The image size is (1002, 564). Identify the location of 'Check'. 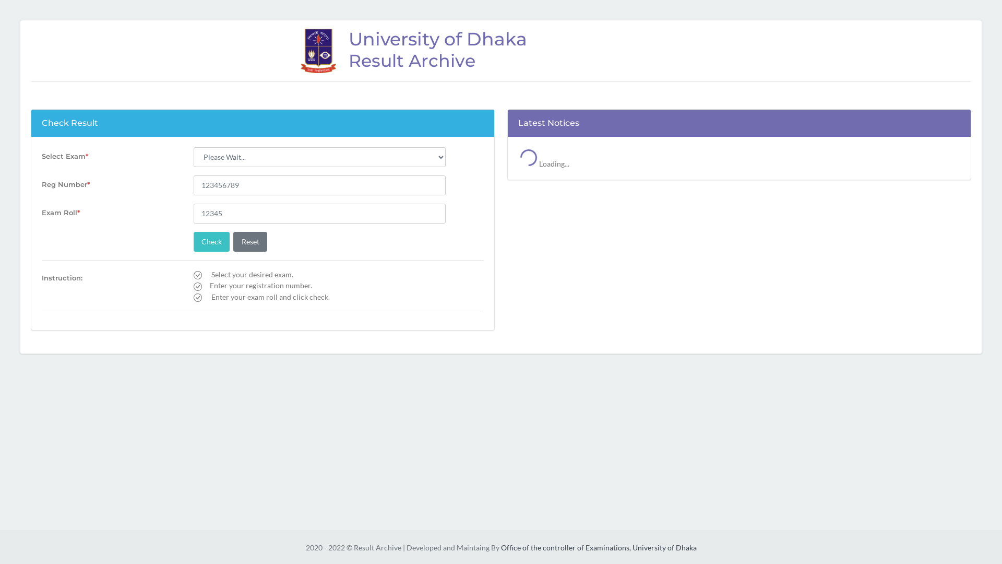
(211, 241).